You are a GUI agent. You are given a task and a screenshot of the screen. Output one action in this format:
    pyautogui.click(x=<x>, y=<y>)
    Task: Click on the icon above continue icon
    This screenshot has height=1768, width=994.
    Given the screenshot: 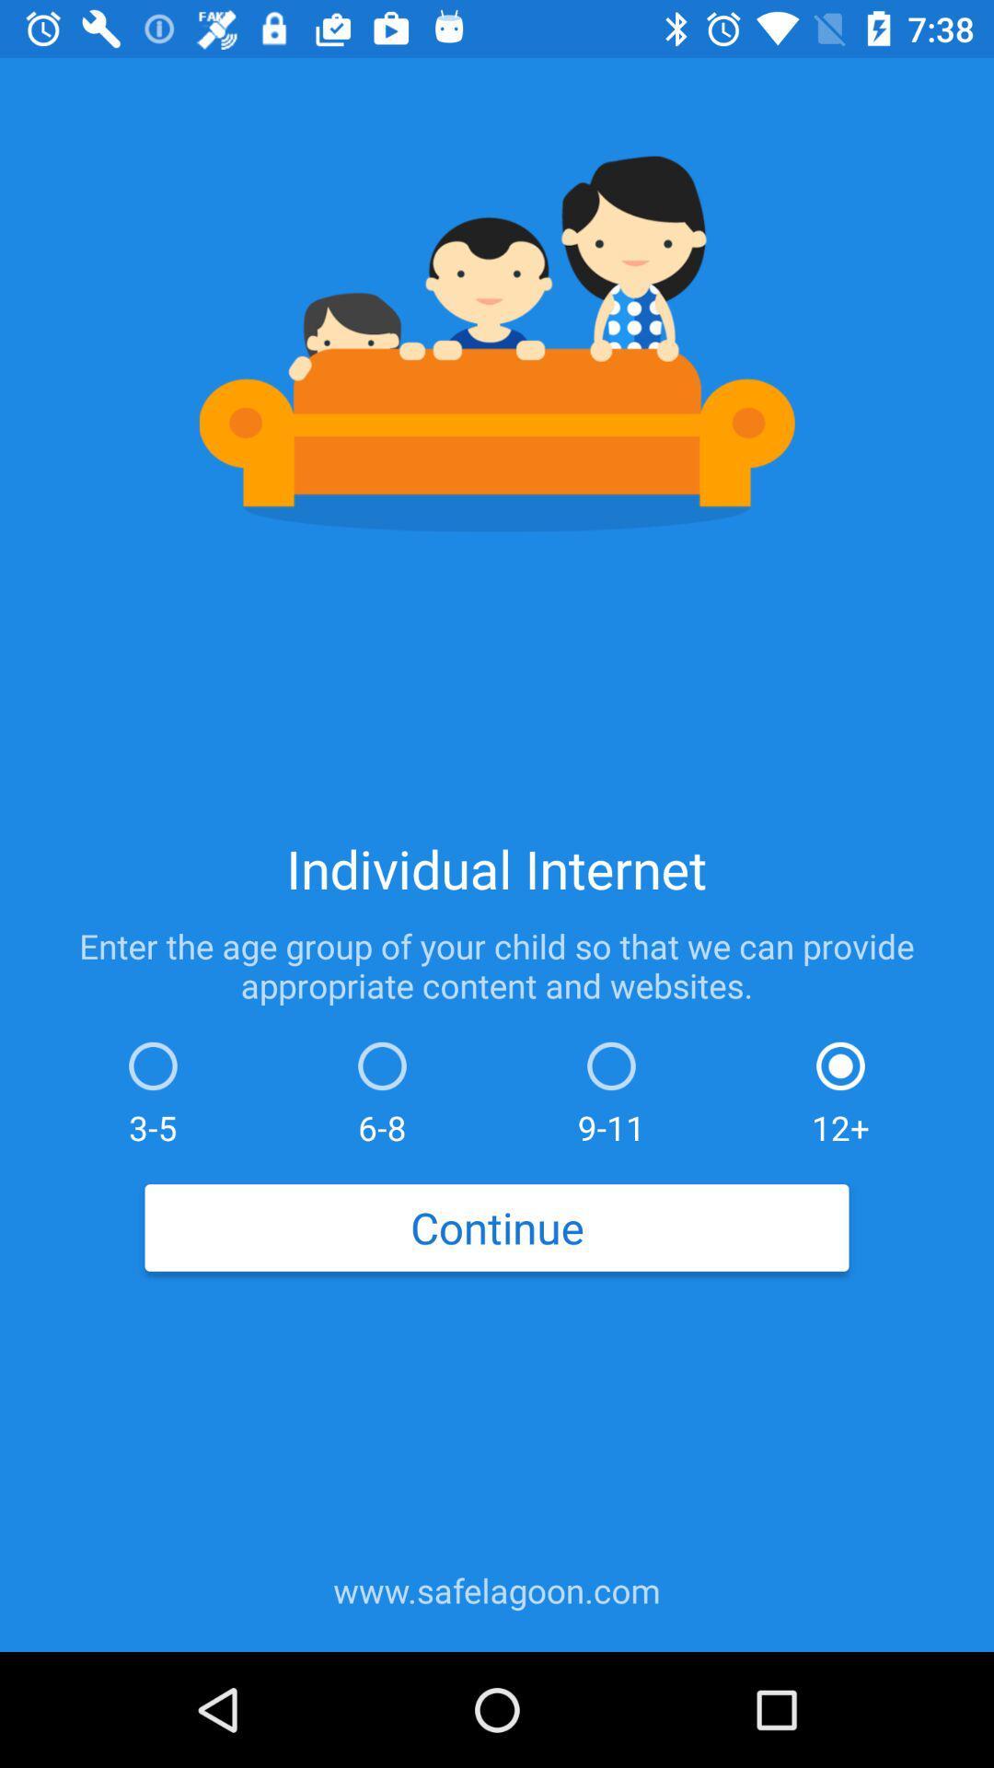 What is the action you would take?
    pyautogui.click(x=840, y=1088)
    